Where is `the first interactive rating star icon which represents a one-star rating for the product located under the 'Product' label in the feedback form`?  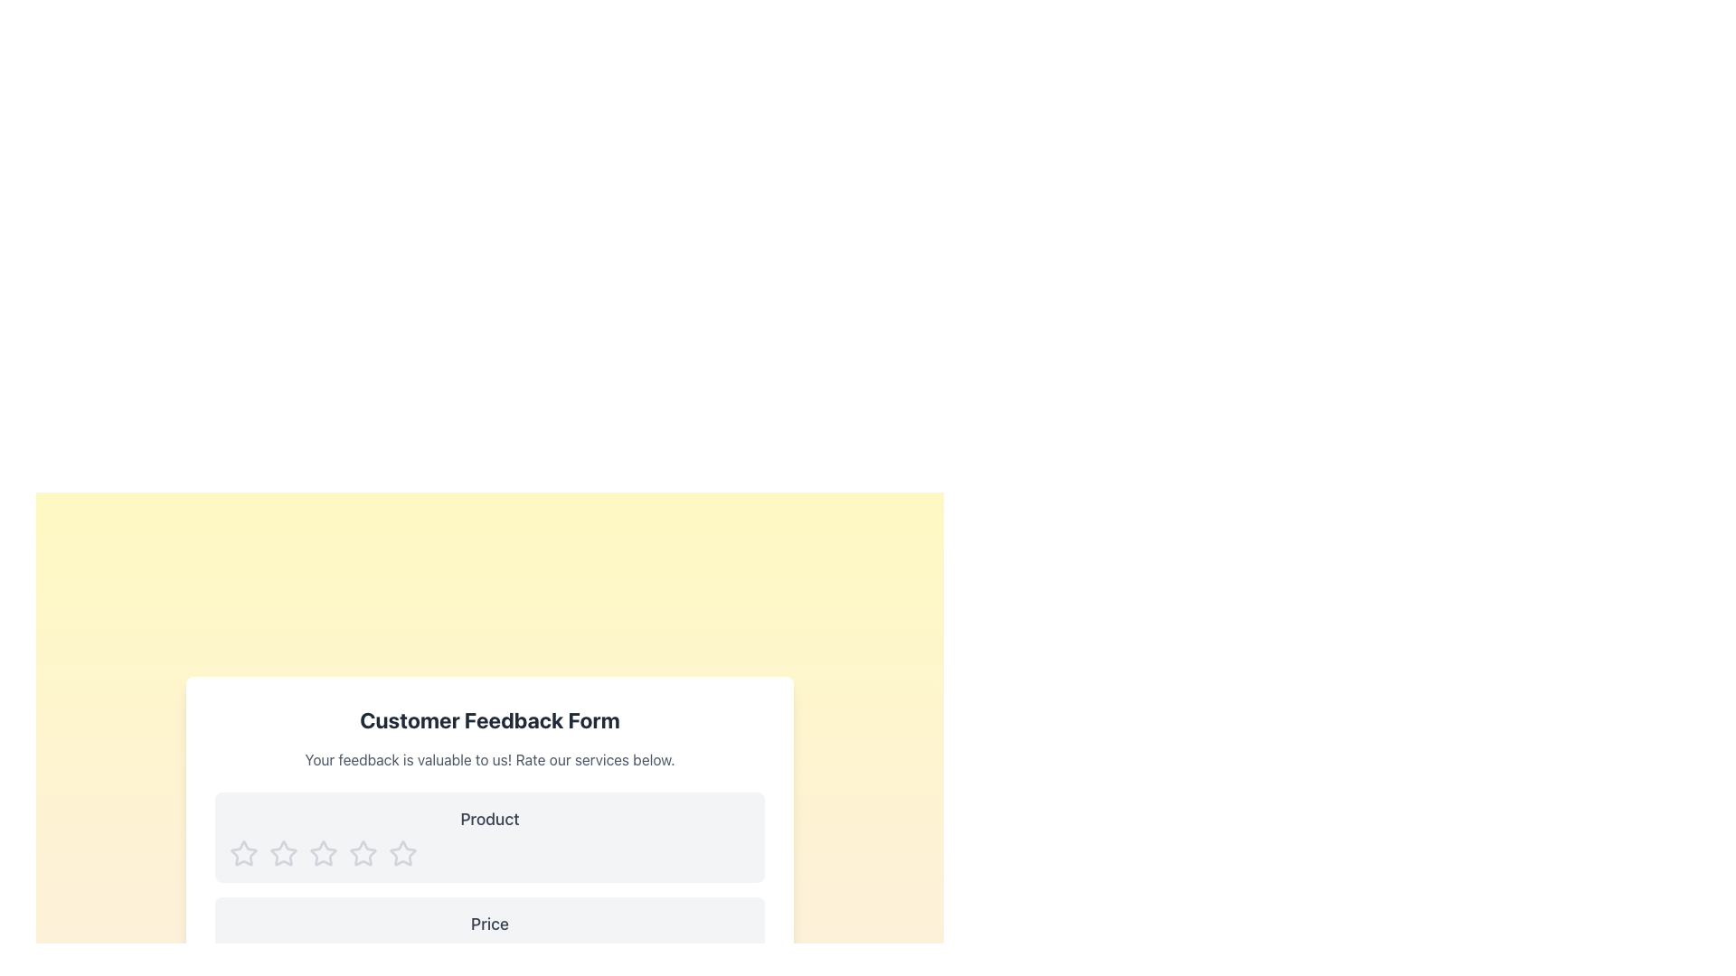
the first interactive rating star icon which represents a one-star rating for the product located under the 'Product' label in the feedback form is located at coordinates (242, 853).